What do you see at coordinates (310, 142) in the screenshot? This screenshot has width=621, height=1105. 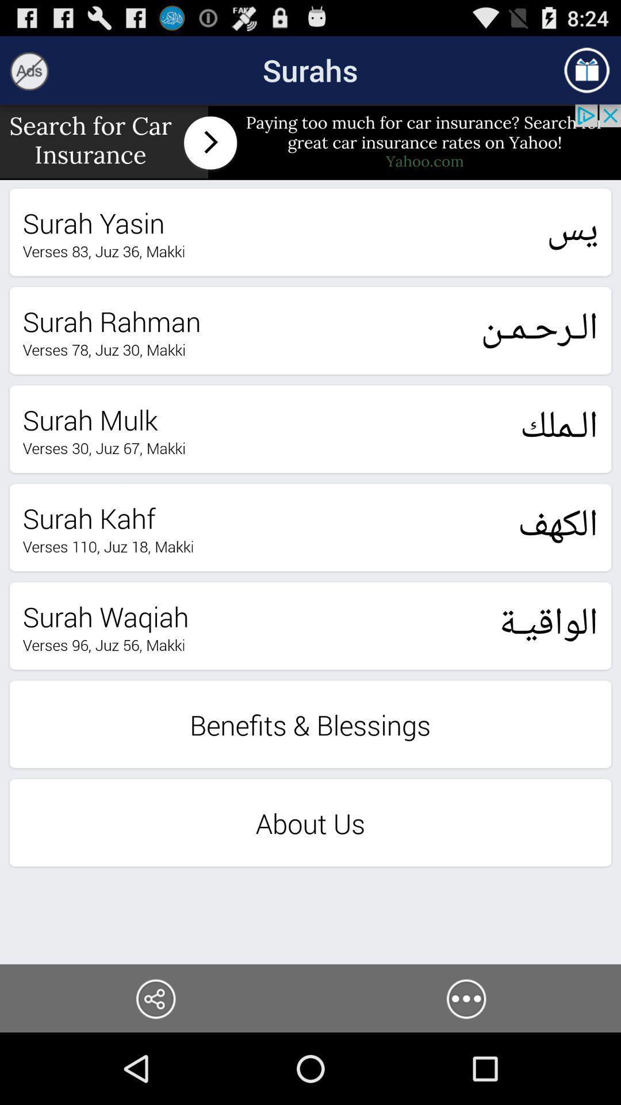 I see `insurance` at bounding box center [310, 142].